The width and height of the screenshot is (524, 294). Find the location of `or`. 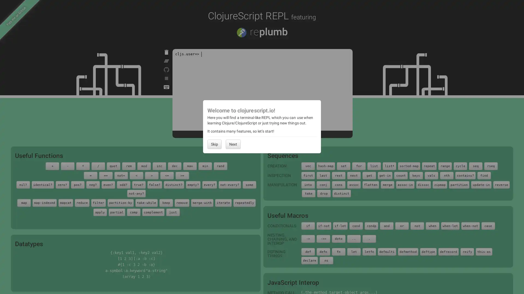

or is located at coordinates (402, 226).